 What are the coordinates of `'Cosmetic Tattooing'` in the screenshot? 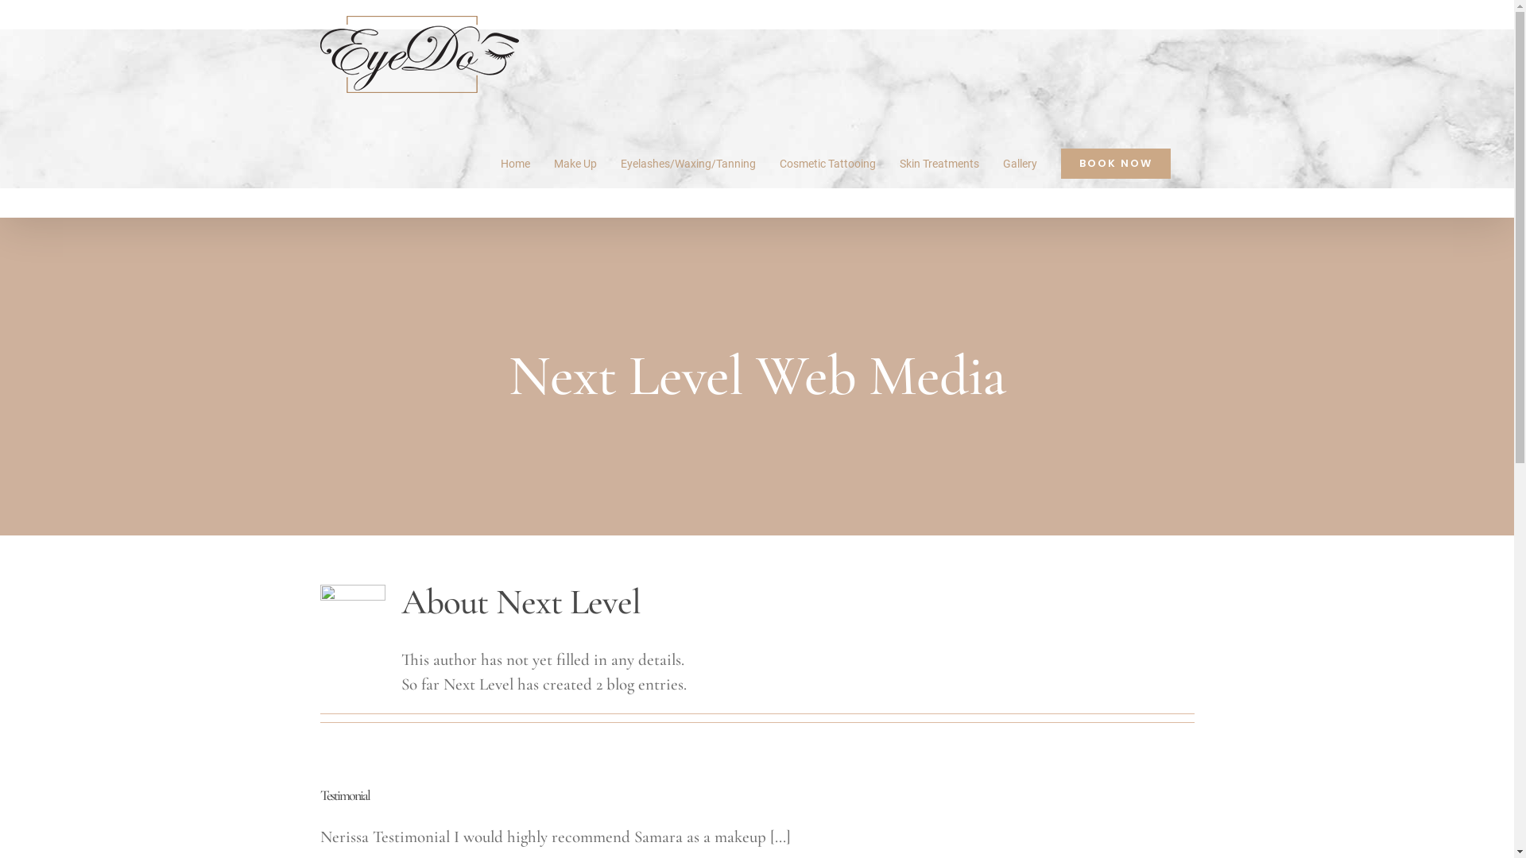 It's located at (827, 163).